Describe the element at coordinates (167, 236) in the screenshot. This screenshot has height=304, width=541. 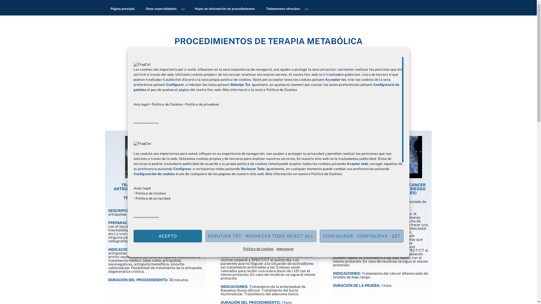
I see `'ACEPTO'` at that location.